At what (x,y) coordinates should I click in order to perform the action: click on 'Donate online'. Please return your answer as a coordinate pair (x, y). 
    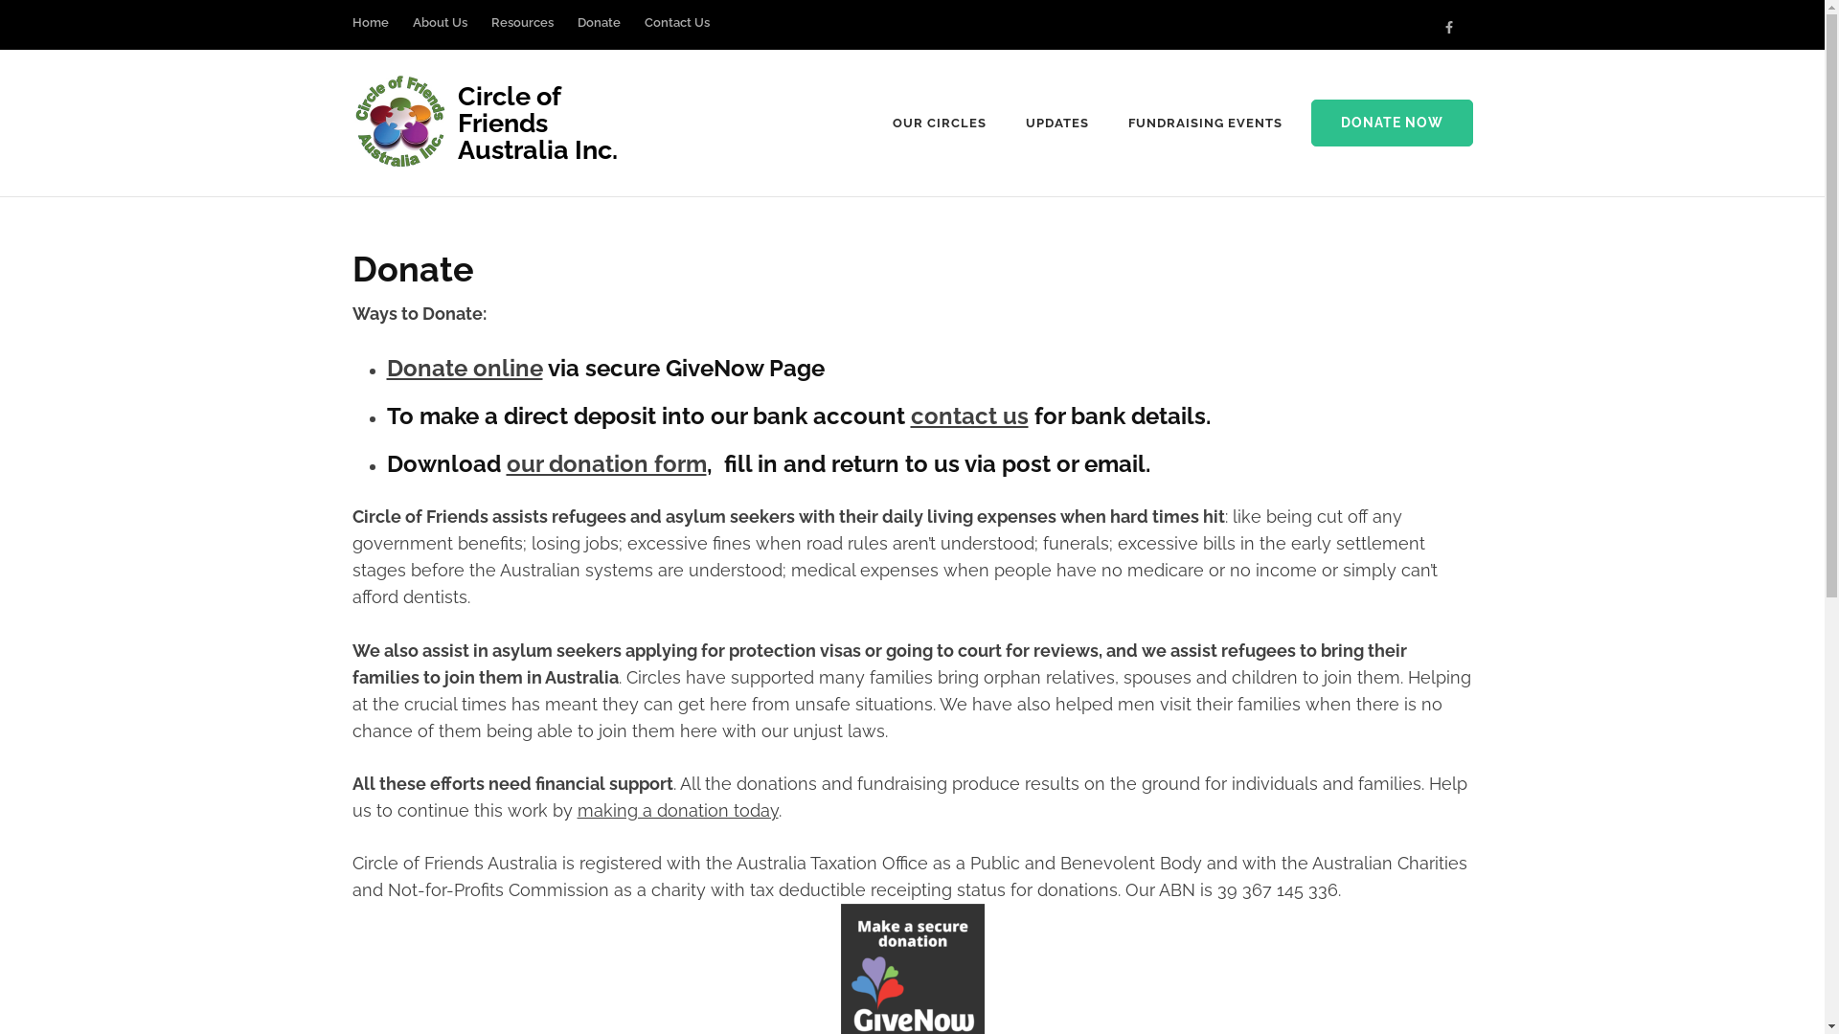
    Looking at the image, I should click on (465, 368).